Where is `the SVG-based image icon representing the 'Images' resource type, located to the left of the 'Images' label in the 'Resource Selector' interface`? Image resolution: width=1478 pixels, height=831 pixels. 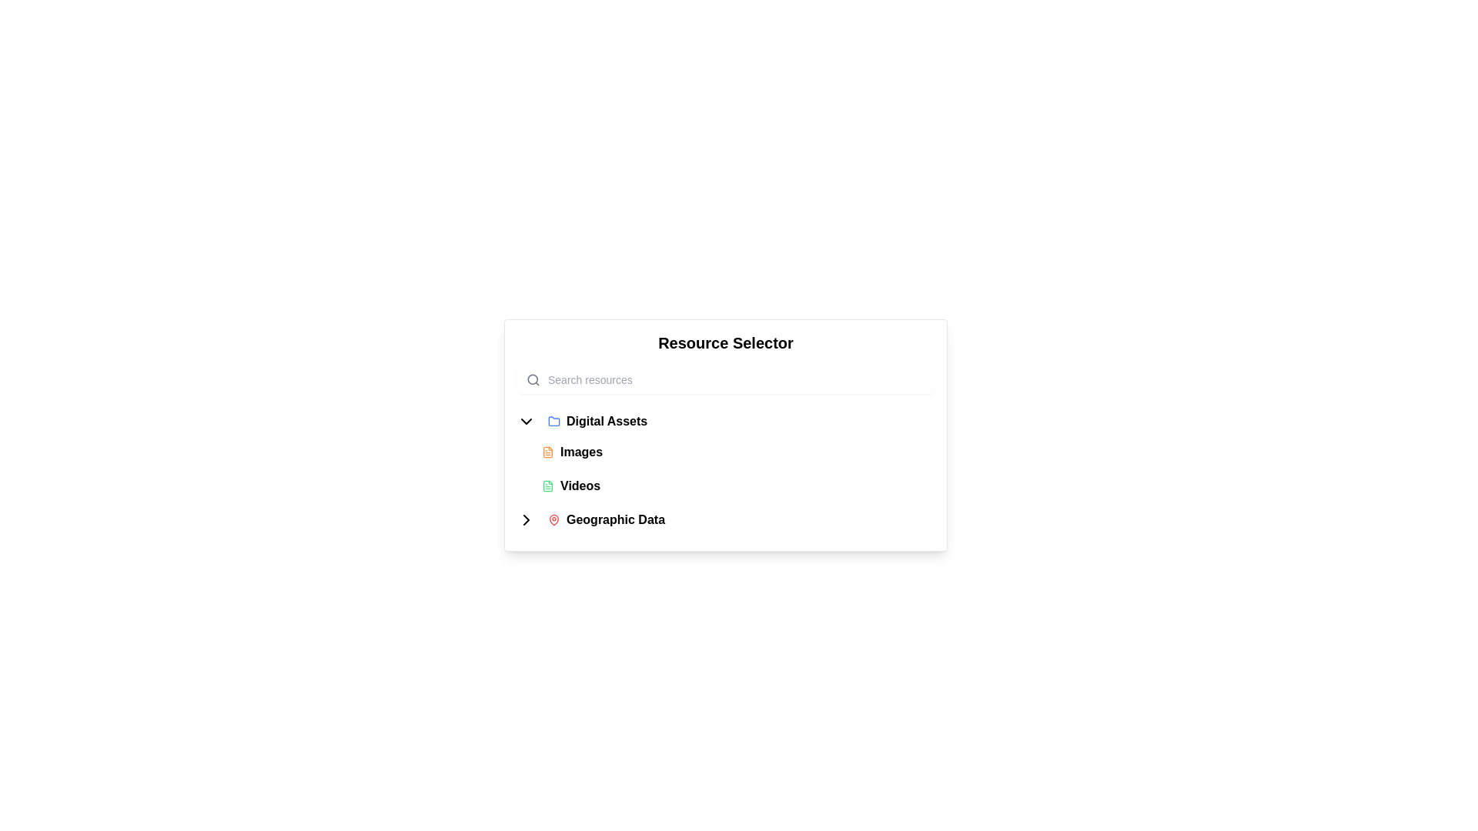
the SVG-based image icon representing the 'Images' resource type, located to the left of the 'Images' label in the 'Resource Selector' interface is located at coordinates (547, 486).